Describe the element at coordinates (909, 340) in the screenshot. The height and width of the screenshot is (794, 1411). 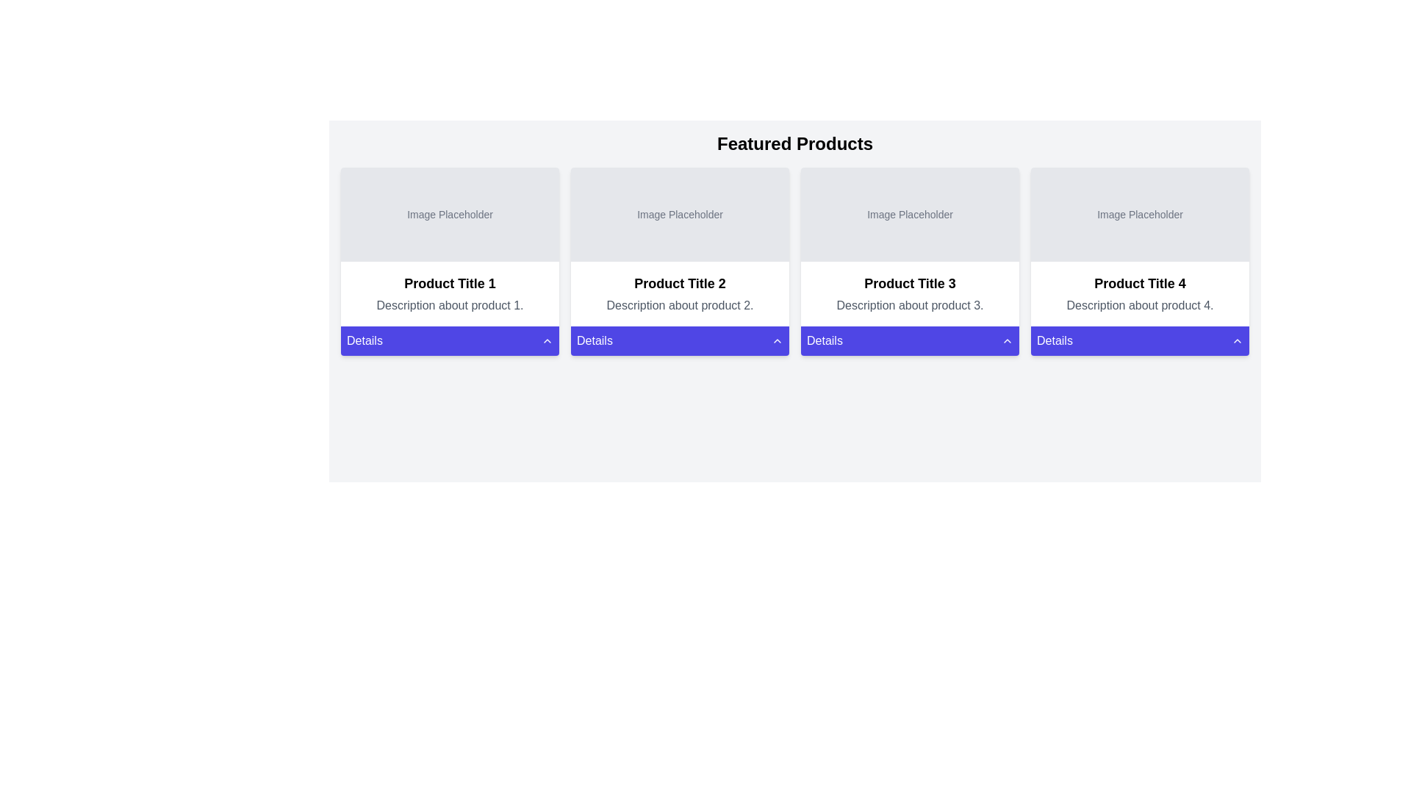
I see `the toggle button located at the bottom of the card for 'Product Title 3' to reveal or hide additional product details` at that location.